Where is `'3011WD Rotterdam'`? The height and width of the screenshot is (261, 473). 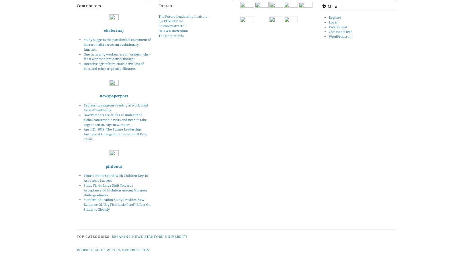 '3011WD Rotterdam' is located at coordinates (173, 31).